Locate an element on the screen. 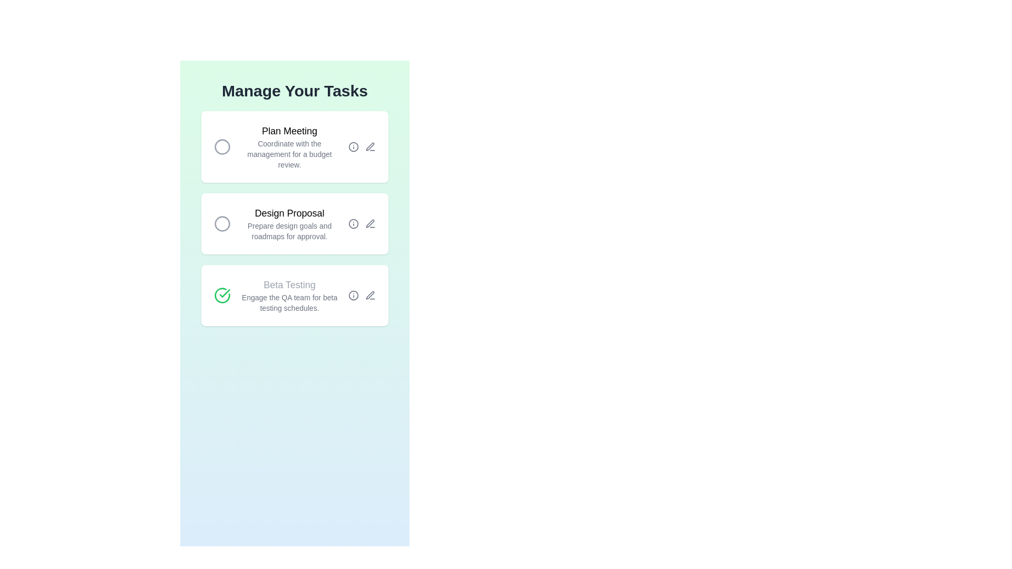  the 'More information' icon for the task 'Plan Meeting' is located at coordinates (354, 146).